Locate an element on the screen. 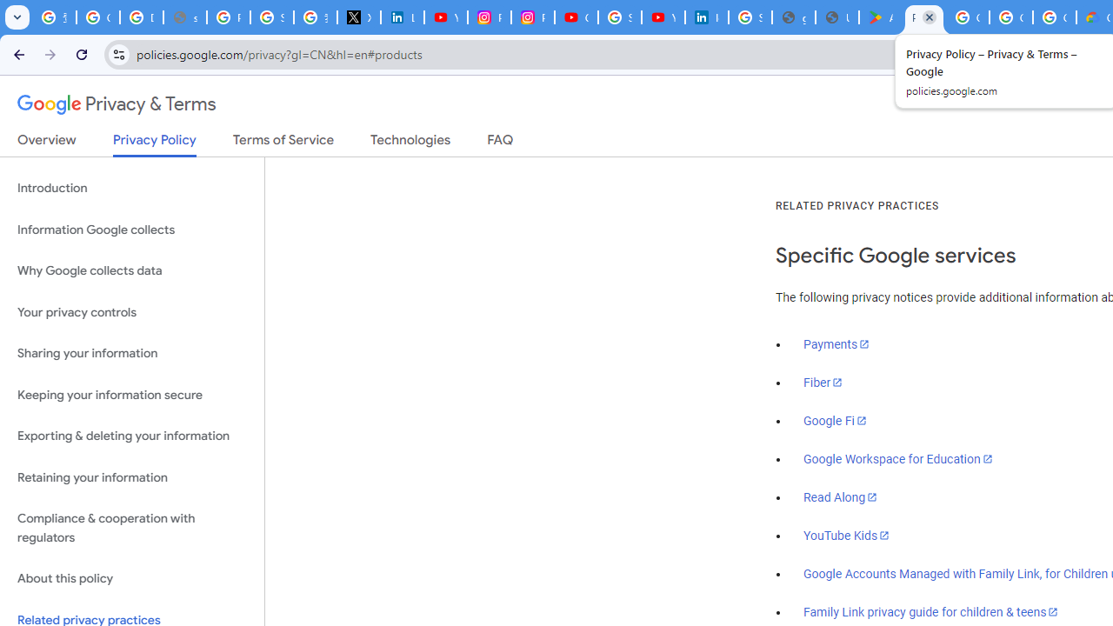 The height and width of the screenshot is (626, 1113). 'LinkedIn Privacy Policy' is located at coordinates (401, 17).